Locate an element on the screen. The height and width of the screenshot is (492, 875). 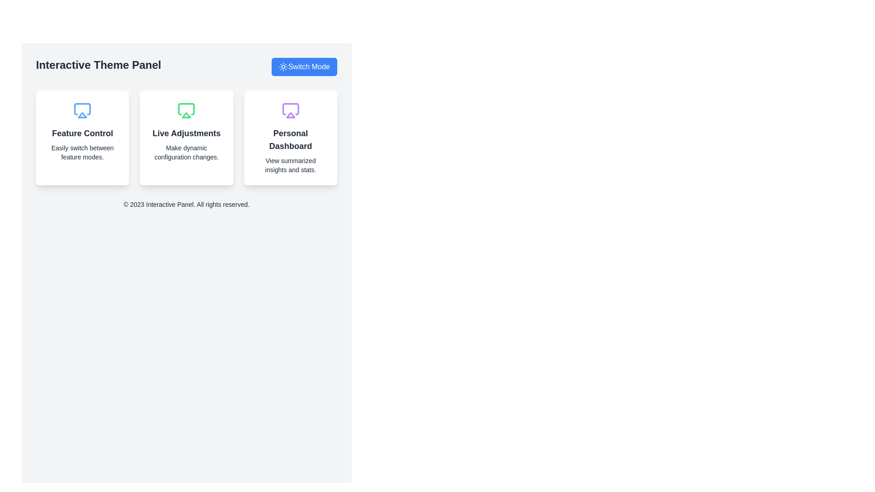
the icon representing the card's function or theme in the 'Feature Control' section, located at the top of the first card on the left side of the interface is located at coordinates (82, 110).